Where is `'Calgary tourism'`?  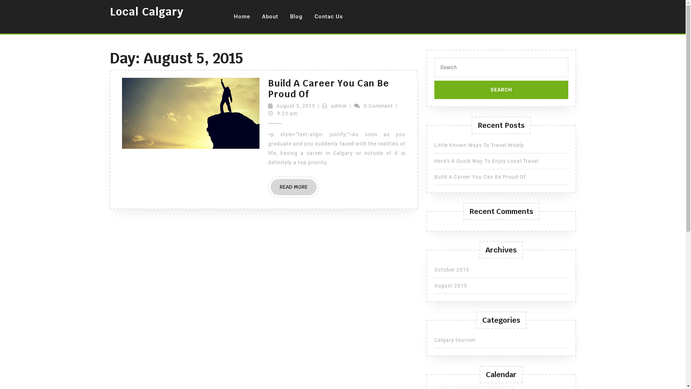 'Calgary tourism' is located at coordinates (454, 340).